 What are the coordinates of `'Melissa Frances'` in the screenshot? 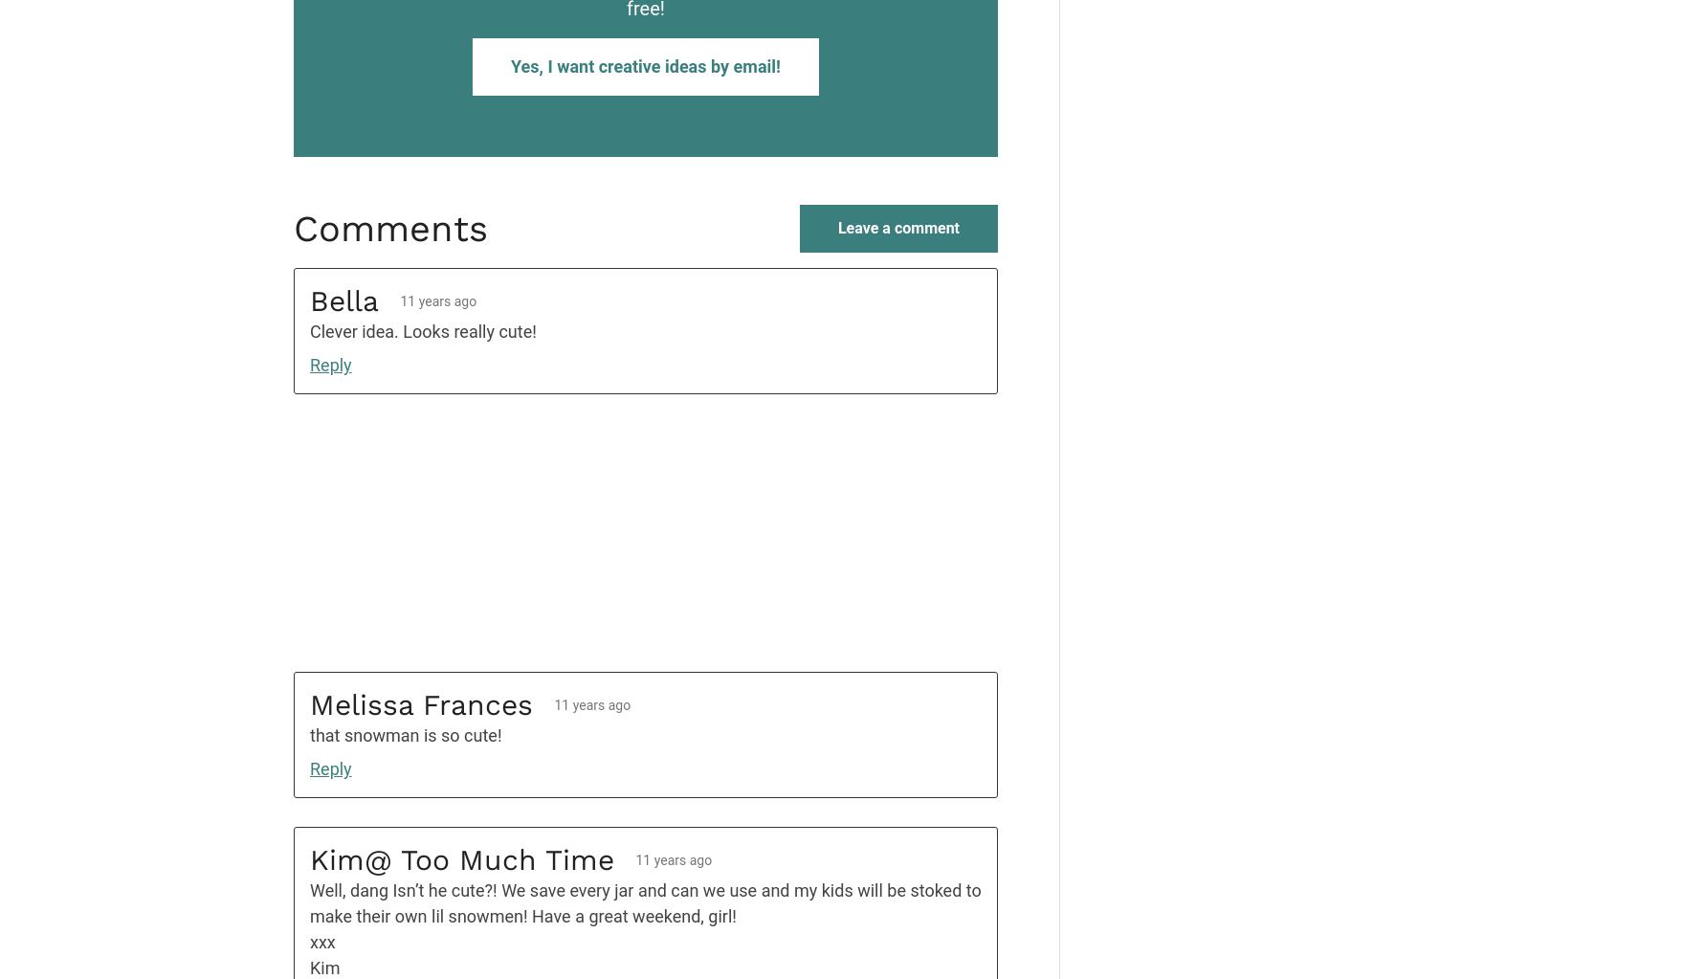 It's located at (421, 704).